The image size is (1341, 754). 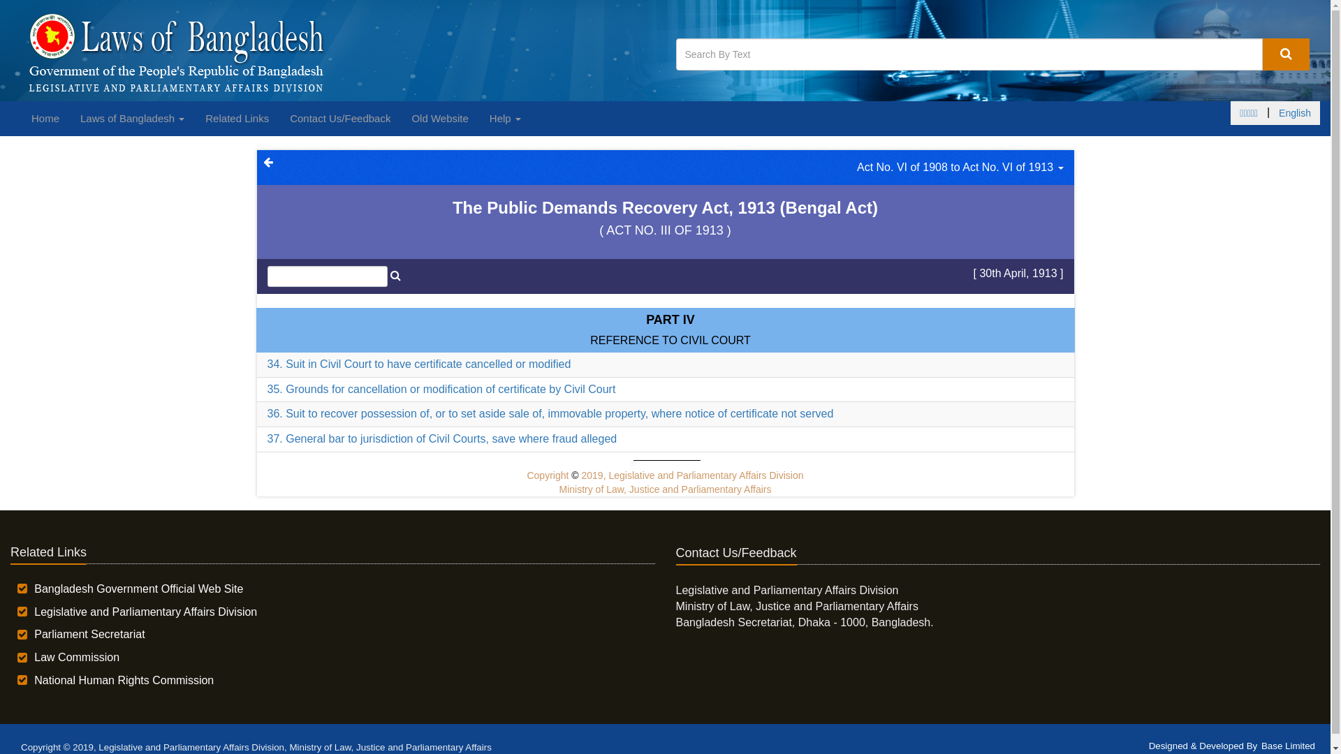 I want to click on 'National Human Rights Commission', so click(x=124, y=679).